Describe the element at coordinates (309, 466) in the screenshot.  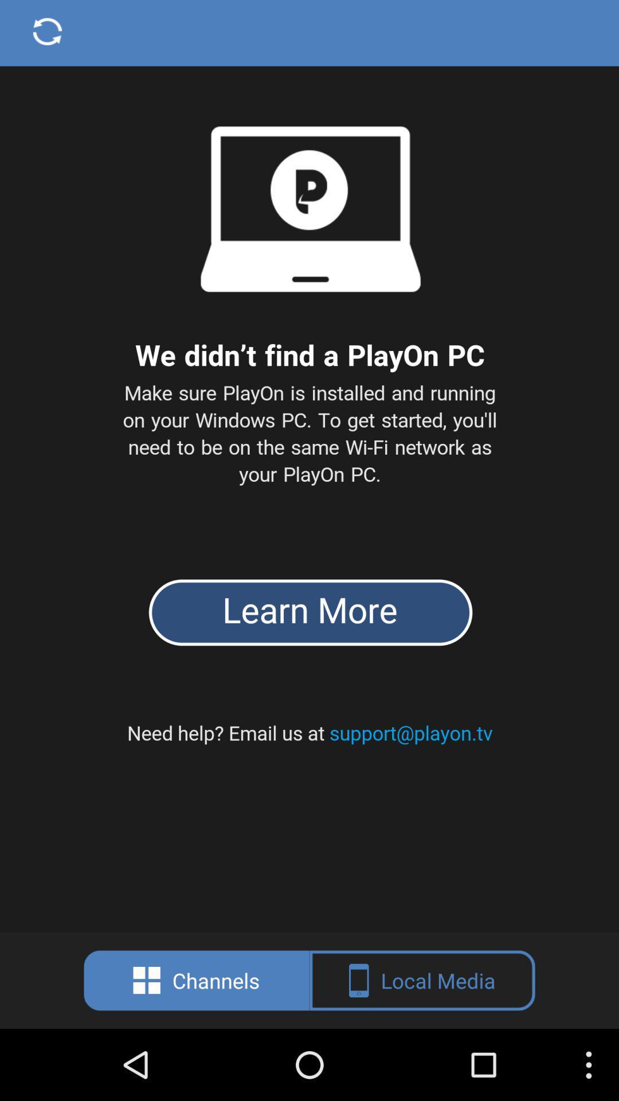
I see `for advertisement` at that location.